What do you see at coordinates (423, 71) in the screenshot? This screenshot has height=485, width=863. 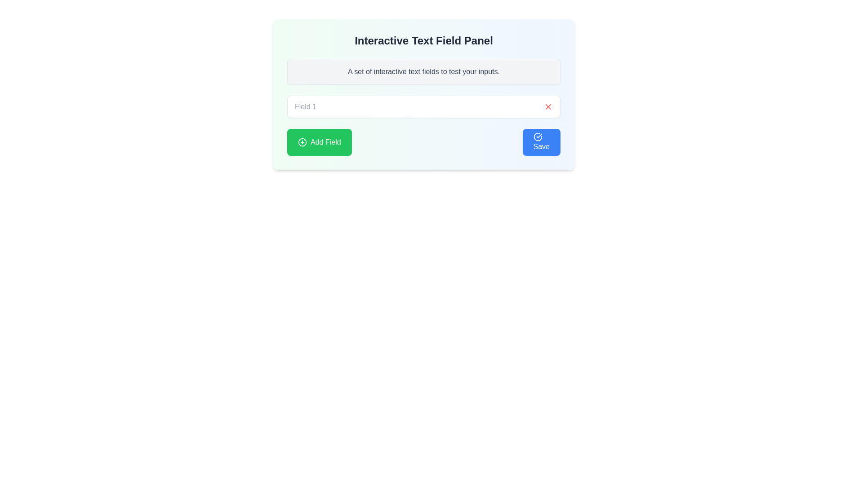 I see `the static text content that provides descriptive information about the interactive text fields, located below the title 'Interactive Text Field Panel' and above the input field labeled 'Field 1'` at bounding box center [423, 71].